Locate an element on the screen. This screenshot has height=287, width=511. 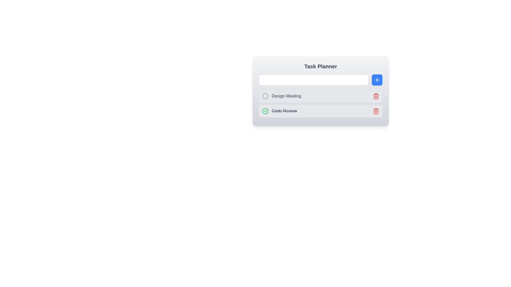
the red trash bin icon located at the far-right of the 'Design Meeting' task row is located at coordinates (374, 96).